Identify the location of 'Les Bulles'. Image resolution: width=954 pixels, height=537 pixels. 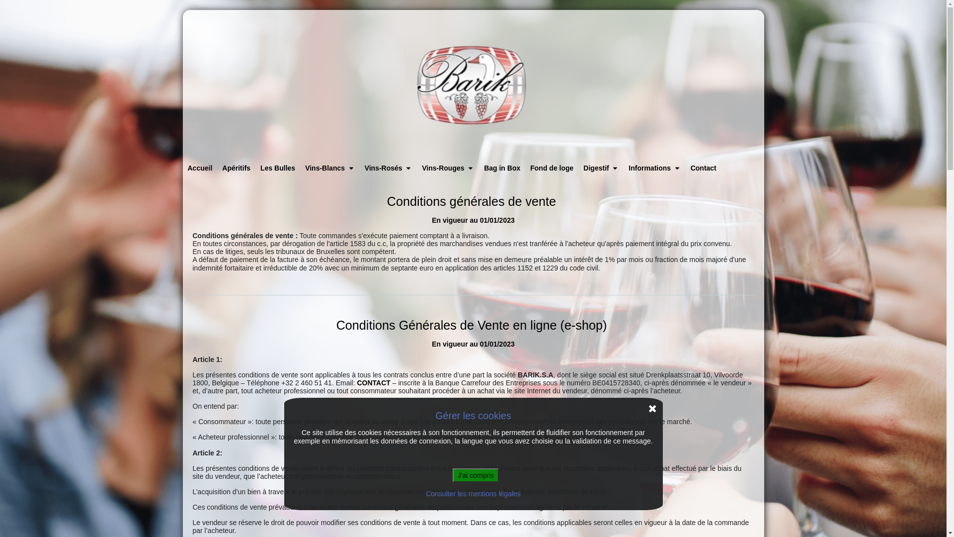
(277, 168).